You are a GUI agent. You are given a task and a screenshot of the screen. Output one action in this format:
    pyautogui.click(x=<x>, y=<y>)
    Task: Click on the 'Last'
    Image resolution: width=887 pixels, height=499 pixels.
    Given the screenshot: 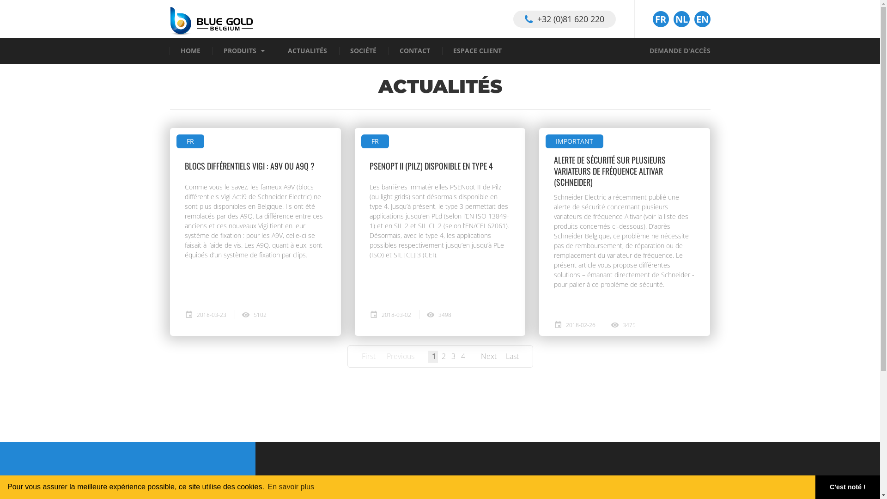 What is the action you would take?
    pyautogui.click(x=511, y=356)
    